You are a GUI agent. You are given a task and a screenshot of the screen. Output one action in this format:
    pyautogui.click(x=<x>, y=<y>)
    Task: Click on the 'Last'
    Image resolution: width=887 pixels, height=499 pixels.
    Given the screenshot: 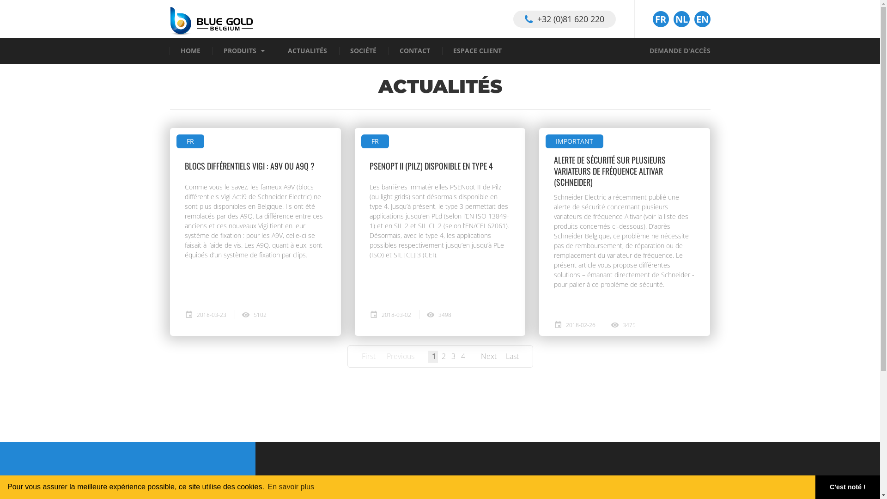 What is the action you would take?
    pyautogui.click(x=511, y=356)
    